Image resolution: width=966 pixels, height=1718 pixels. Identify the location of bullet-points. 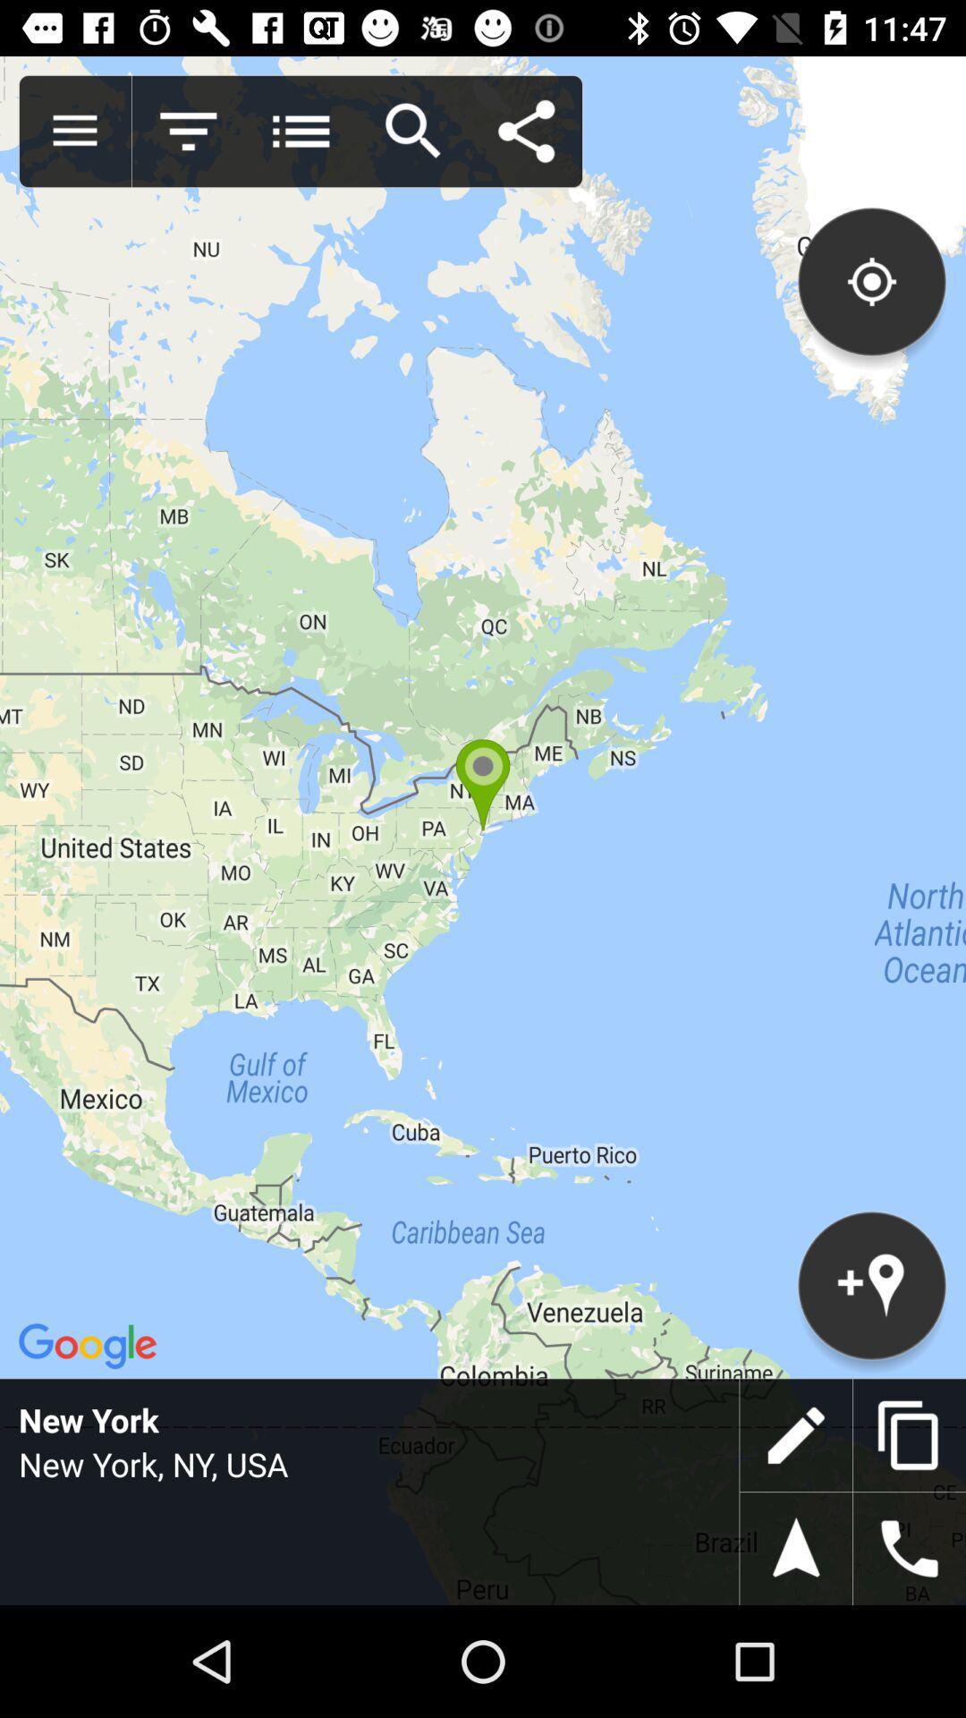
(300, 131).